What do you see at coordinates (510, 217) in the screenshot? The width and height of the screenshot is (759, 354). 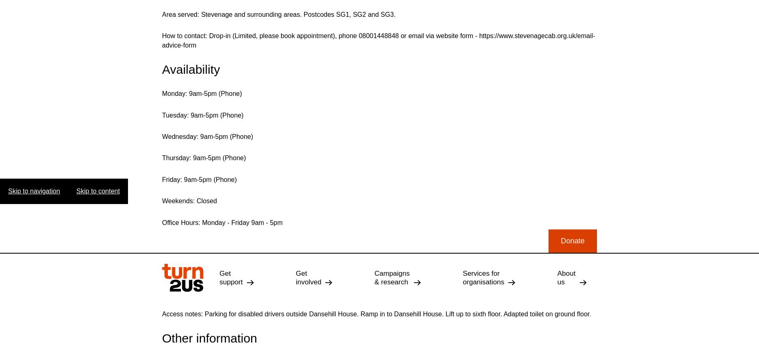 I see `'Back to top'` at bounding box center [510, 217].